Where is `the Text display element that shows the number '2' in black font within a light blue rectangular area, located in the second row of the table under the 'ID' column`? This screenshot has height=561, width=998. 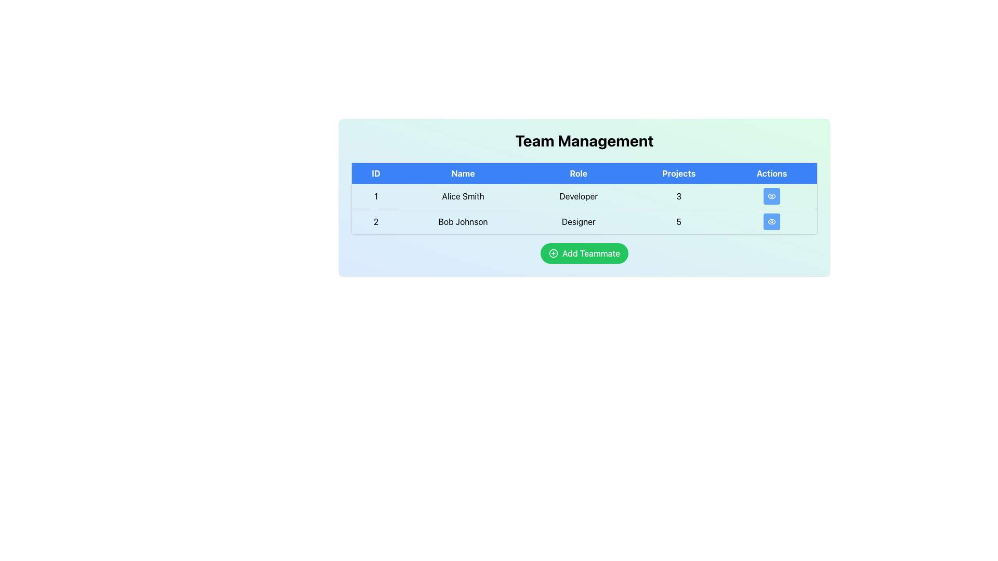 the Text display element that shows the number '2' in black font within a light blue rectangular area, located in the second row of the table under the 'ID' column is located at coordinates (375, 221).